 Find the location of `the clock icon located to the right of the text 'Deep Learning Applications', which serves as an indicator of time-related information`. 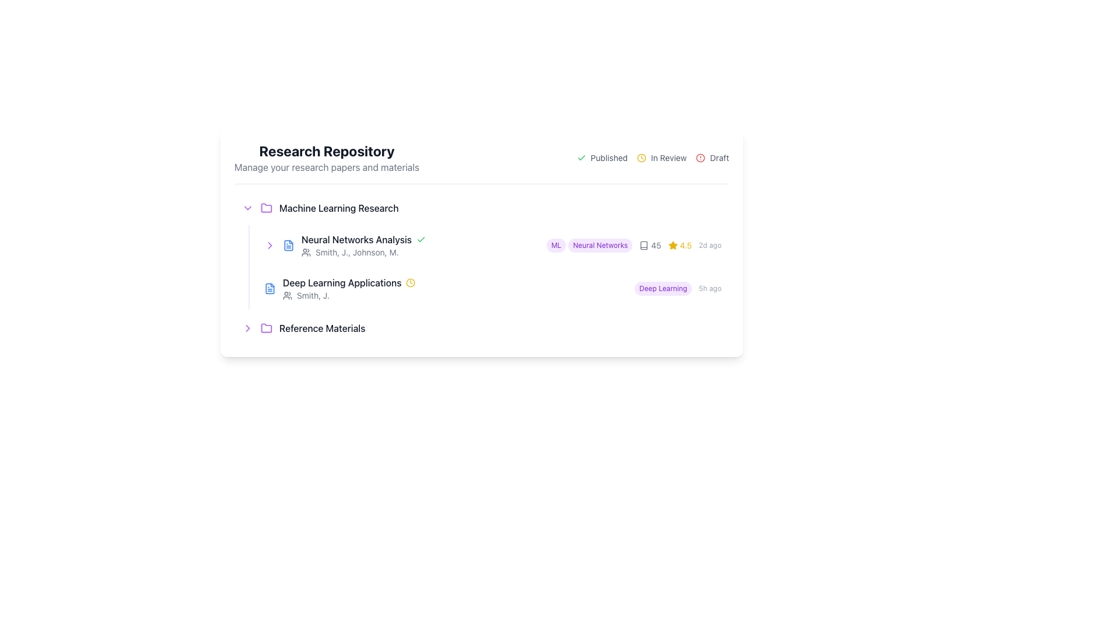

the clock icon located to the right of the text 'Deep Learning Applications', which serves as an indicator of time-related information is located at coordinates (411, 283).